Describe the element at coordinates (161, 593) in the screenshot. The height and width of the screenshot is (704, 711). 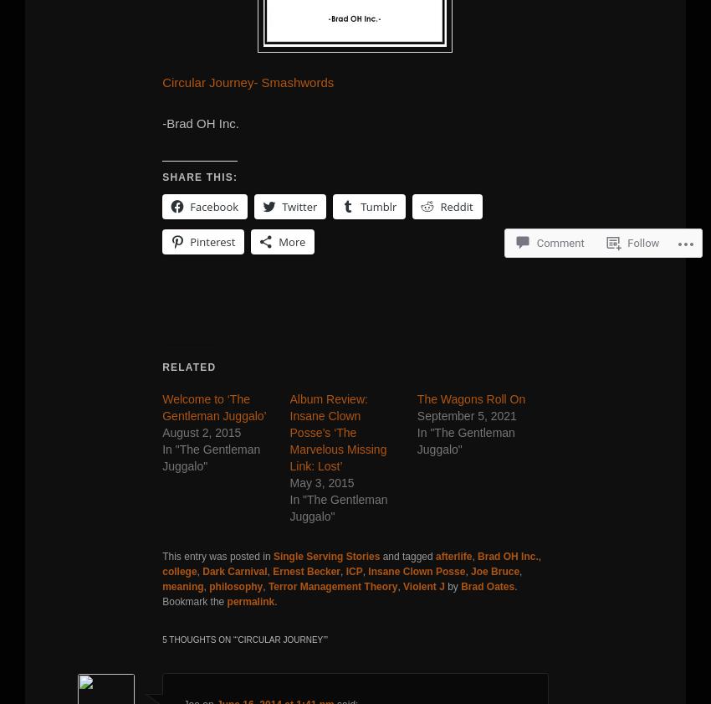
I see `'. Bookmark the'` at that location.